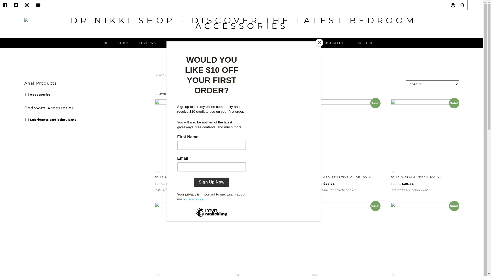  I want to click on 'SEX TOY CONSULT', so click(244, 40).